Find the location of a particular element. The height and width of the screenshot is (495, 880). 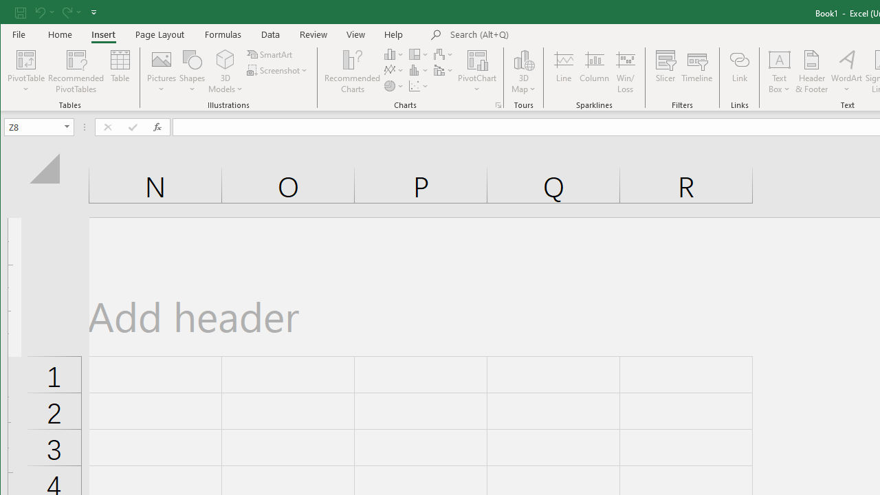

'Insert Waterfall, Funnel, Stock, Surface, or Radar Chart' is located at coordinates (444, 54).